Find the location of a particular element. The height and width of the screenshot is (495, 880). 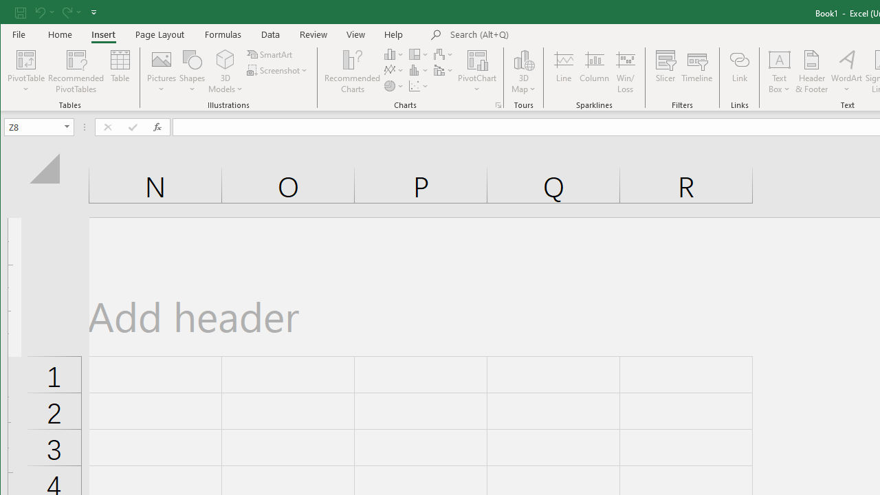

'Insert Waterfall, Funnel, Stock, Surface, or Radar Chart' is located at coordinates (444, 54).